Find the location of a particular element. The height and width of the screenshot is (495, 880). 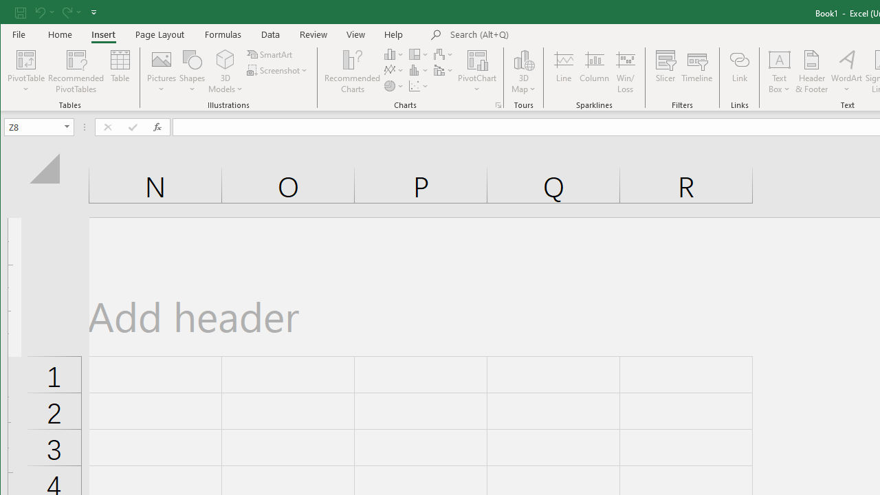

'Insert Waterfall, Funnel, Stock, Surface, or Radar Chart' is located at coordinates (444, 54).